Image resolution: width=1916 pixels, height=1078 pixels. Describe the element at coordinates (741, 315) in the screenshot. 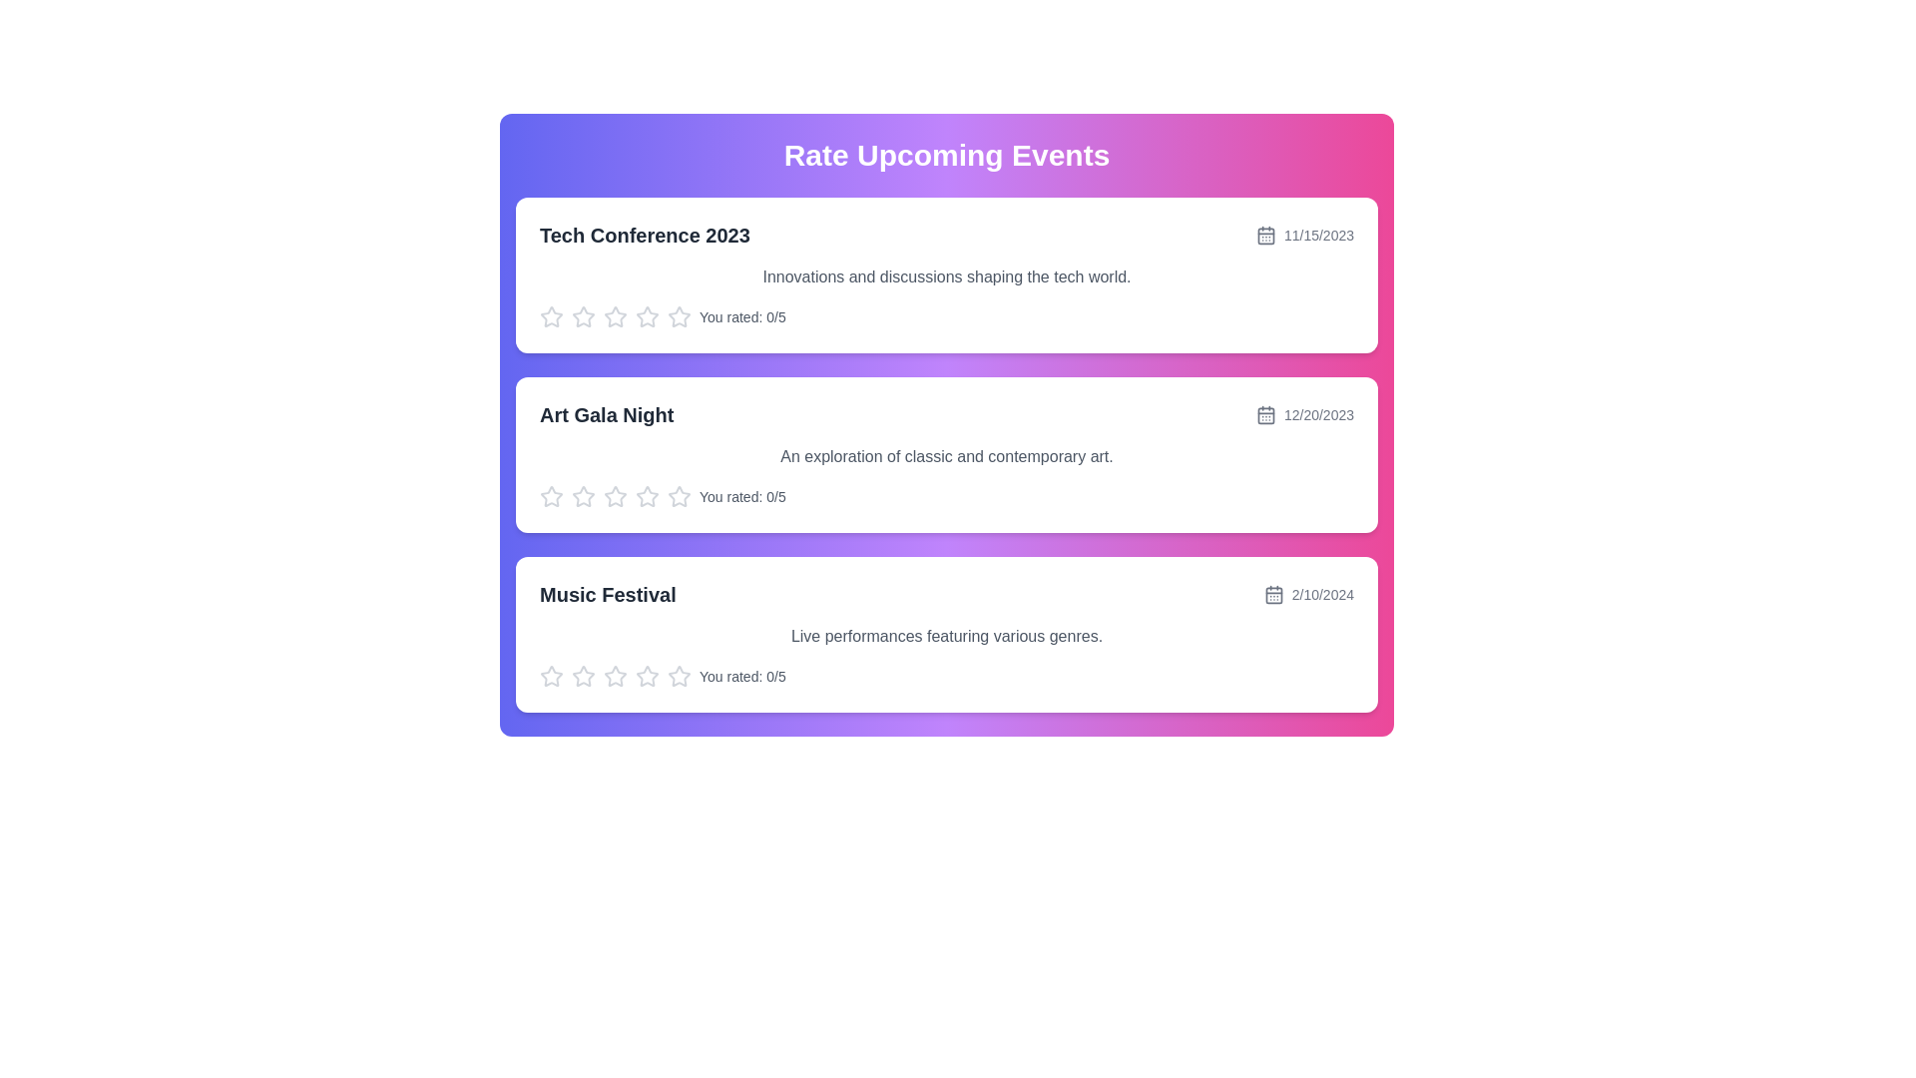

I see `the text label displaying 'You rated: 0/5' located in the first listing card under 'Tech Conference 2023', positioned to the right of five star icons` at that location.